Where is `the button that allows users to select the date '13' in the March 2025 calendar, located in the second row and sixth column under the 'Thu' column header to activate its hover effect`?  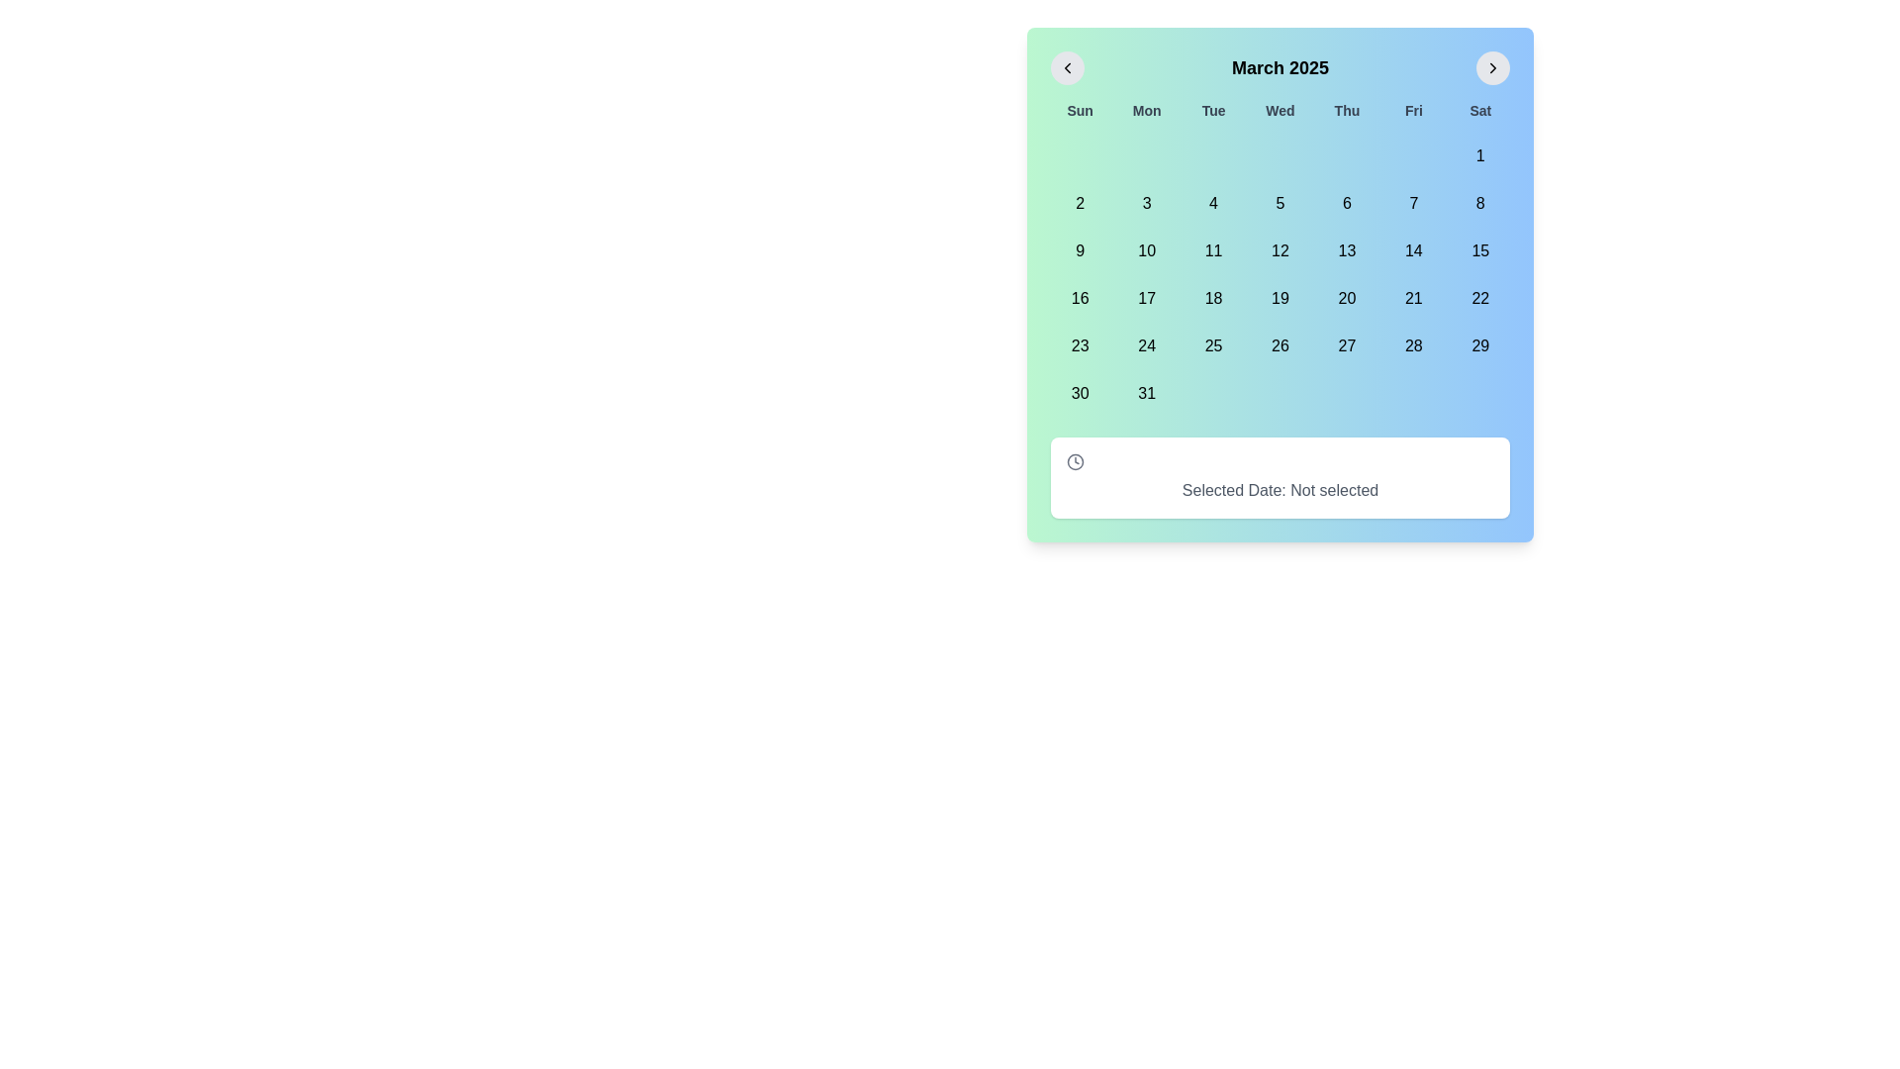 the button that allows users to select the date '13' in the March 2025 calendar, located in the second row and sixth column under the 'Thu' column header to activate its hover effect is located at coordinates (1346, 250).